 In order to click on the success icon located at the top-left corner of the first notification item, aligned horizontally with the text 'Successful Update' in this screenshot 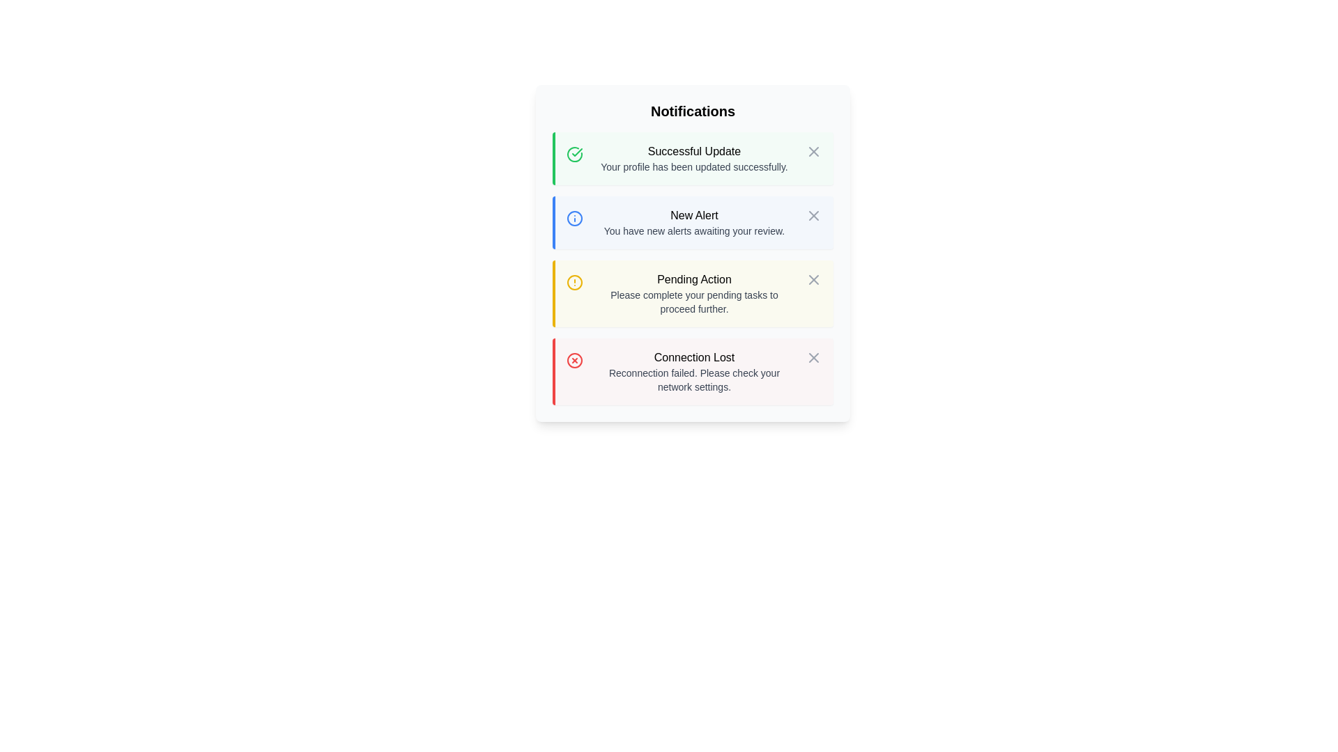, I will do `click(575, 155)`.